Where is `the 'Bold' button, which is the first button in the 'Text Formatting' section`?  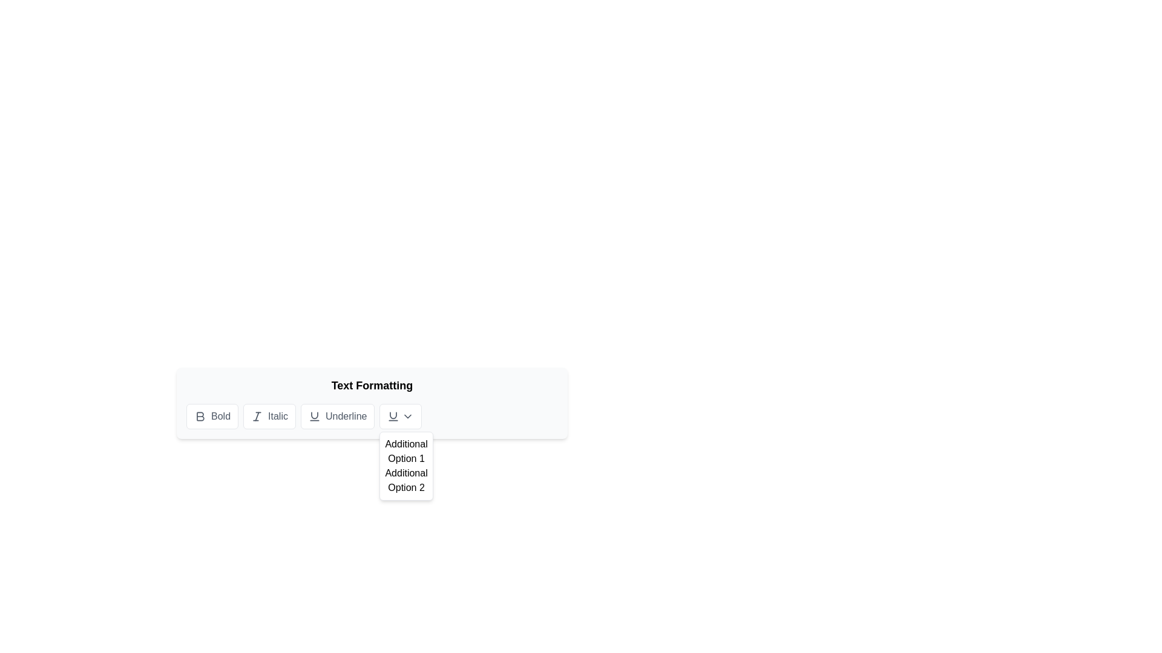
the 'Bold' button, which is the first button in the 'Text Formatting' section is located at coordinates (212, 416).